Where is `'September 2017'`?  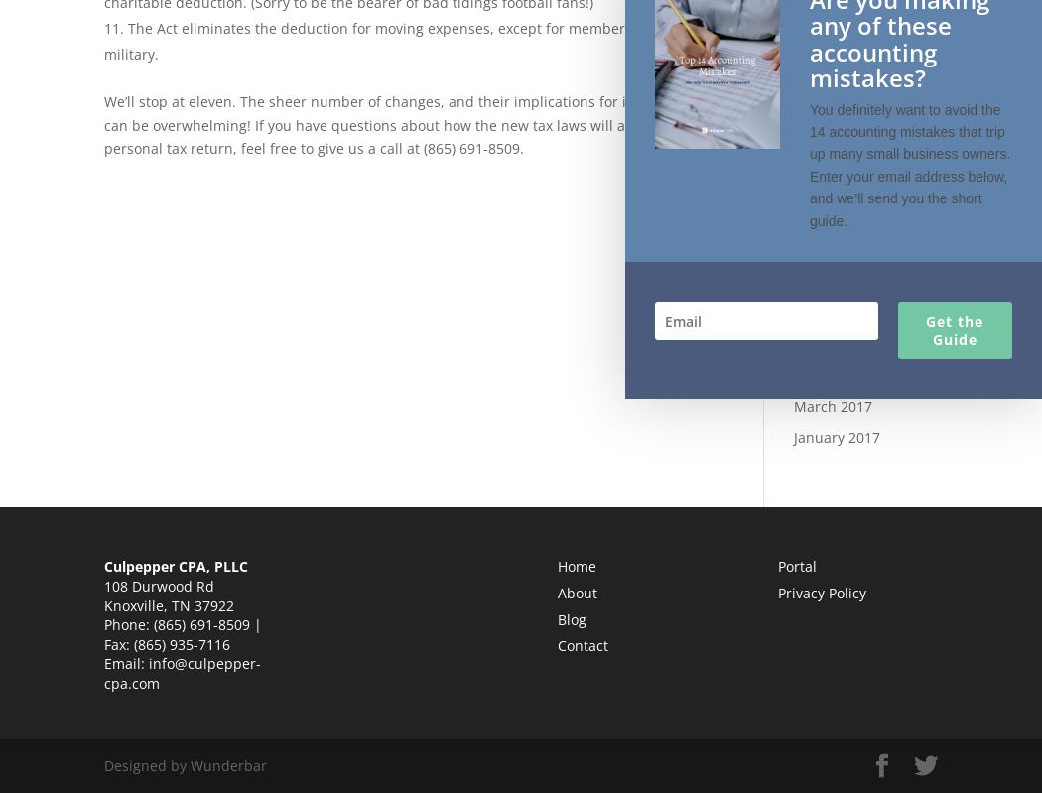 'September 2017' is located at coordinates (792, 253).